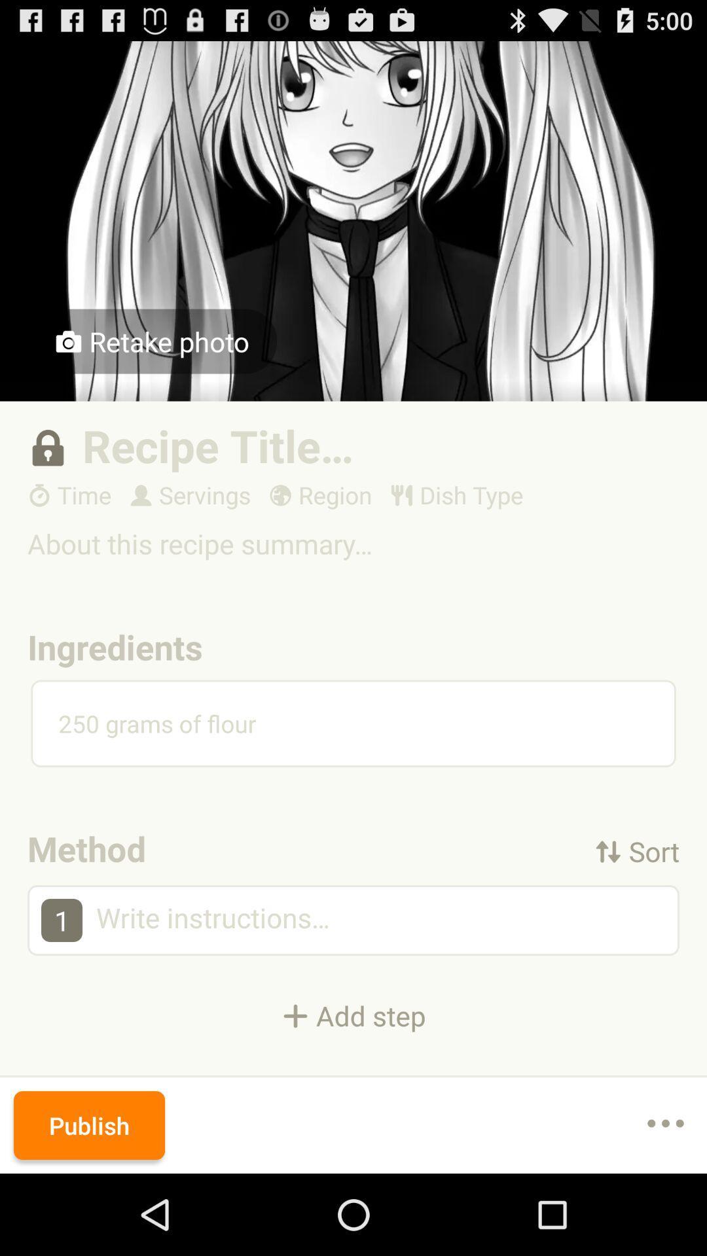  What do you see at coordinates (636, 851) in the screenshot?
I see `the icon below 250 grams of` at bounding box center [636, 851].